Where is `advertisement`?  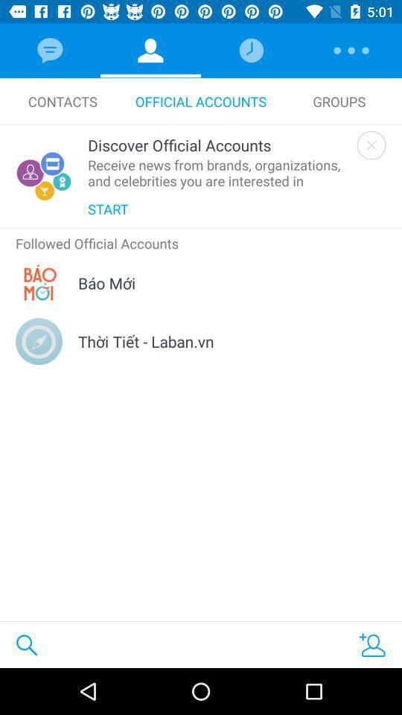 advertisement is located at coordinates (371, 145).